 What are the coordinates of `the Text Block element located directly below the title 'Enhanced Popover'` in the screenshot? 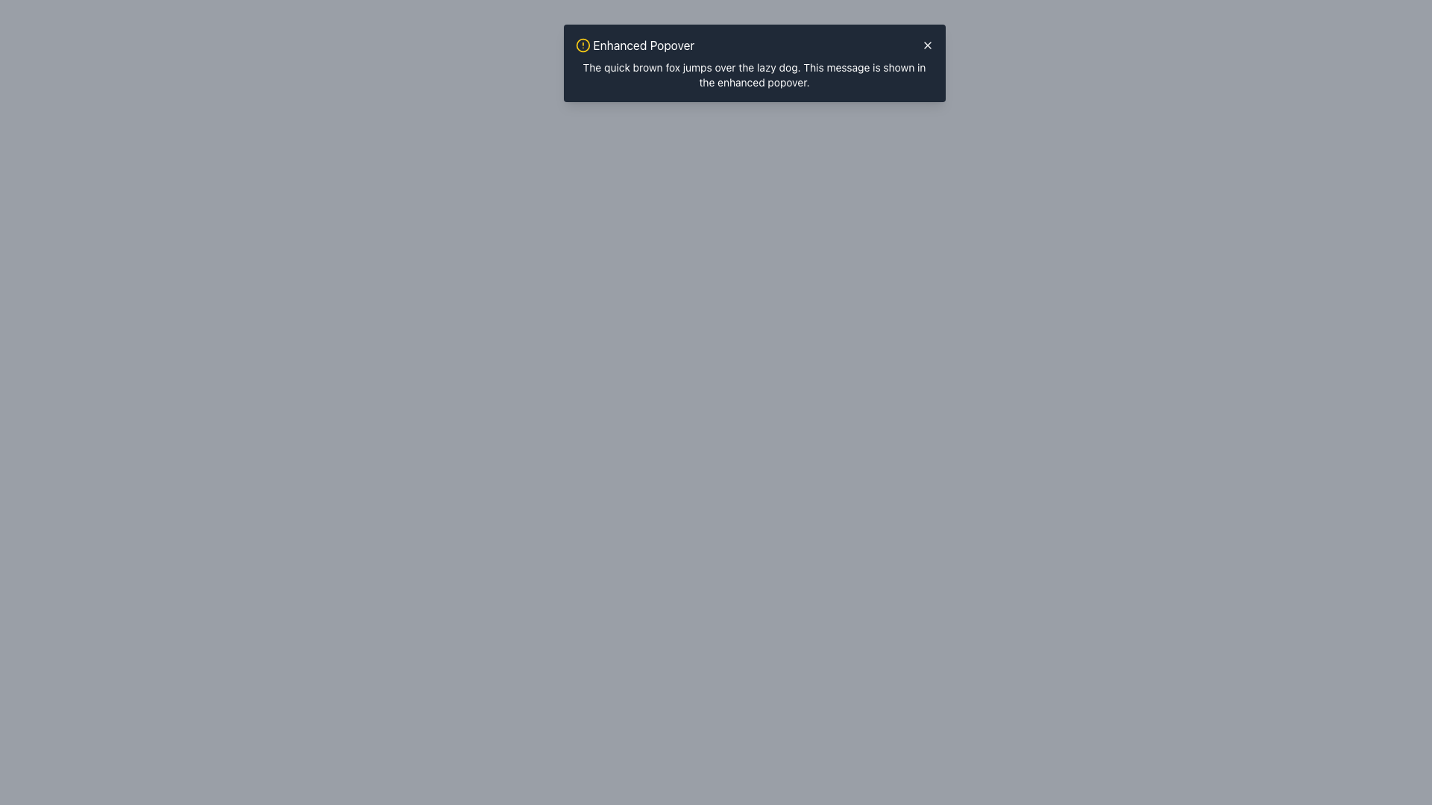 It's located at (754, 75).